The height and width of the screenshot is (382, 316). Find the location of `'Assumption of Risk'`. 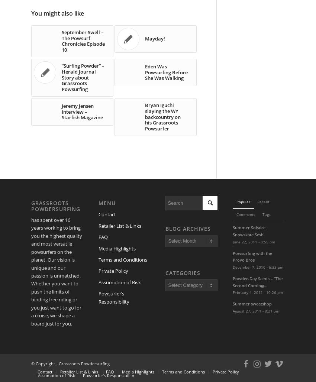

'Assumption of Risk' is located at coordinates (119, 281).